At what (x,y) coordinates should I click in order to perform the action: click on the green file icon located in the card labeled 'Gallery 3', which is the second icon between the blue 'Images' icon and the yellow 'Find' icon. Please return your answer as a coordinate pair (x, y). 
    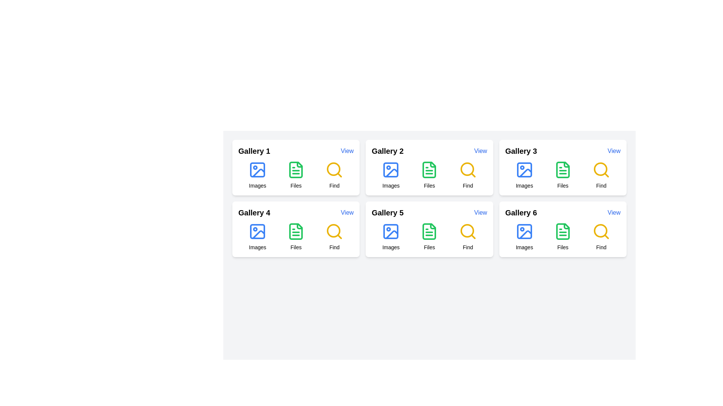
    Looking at the image, I should click on (563, 170).